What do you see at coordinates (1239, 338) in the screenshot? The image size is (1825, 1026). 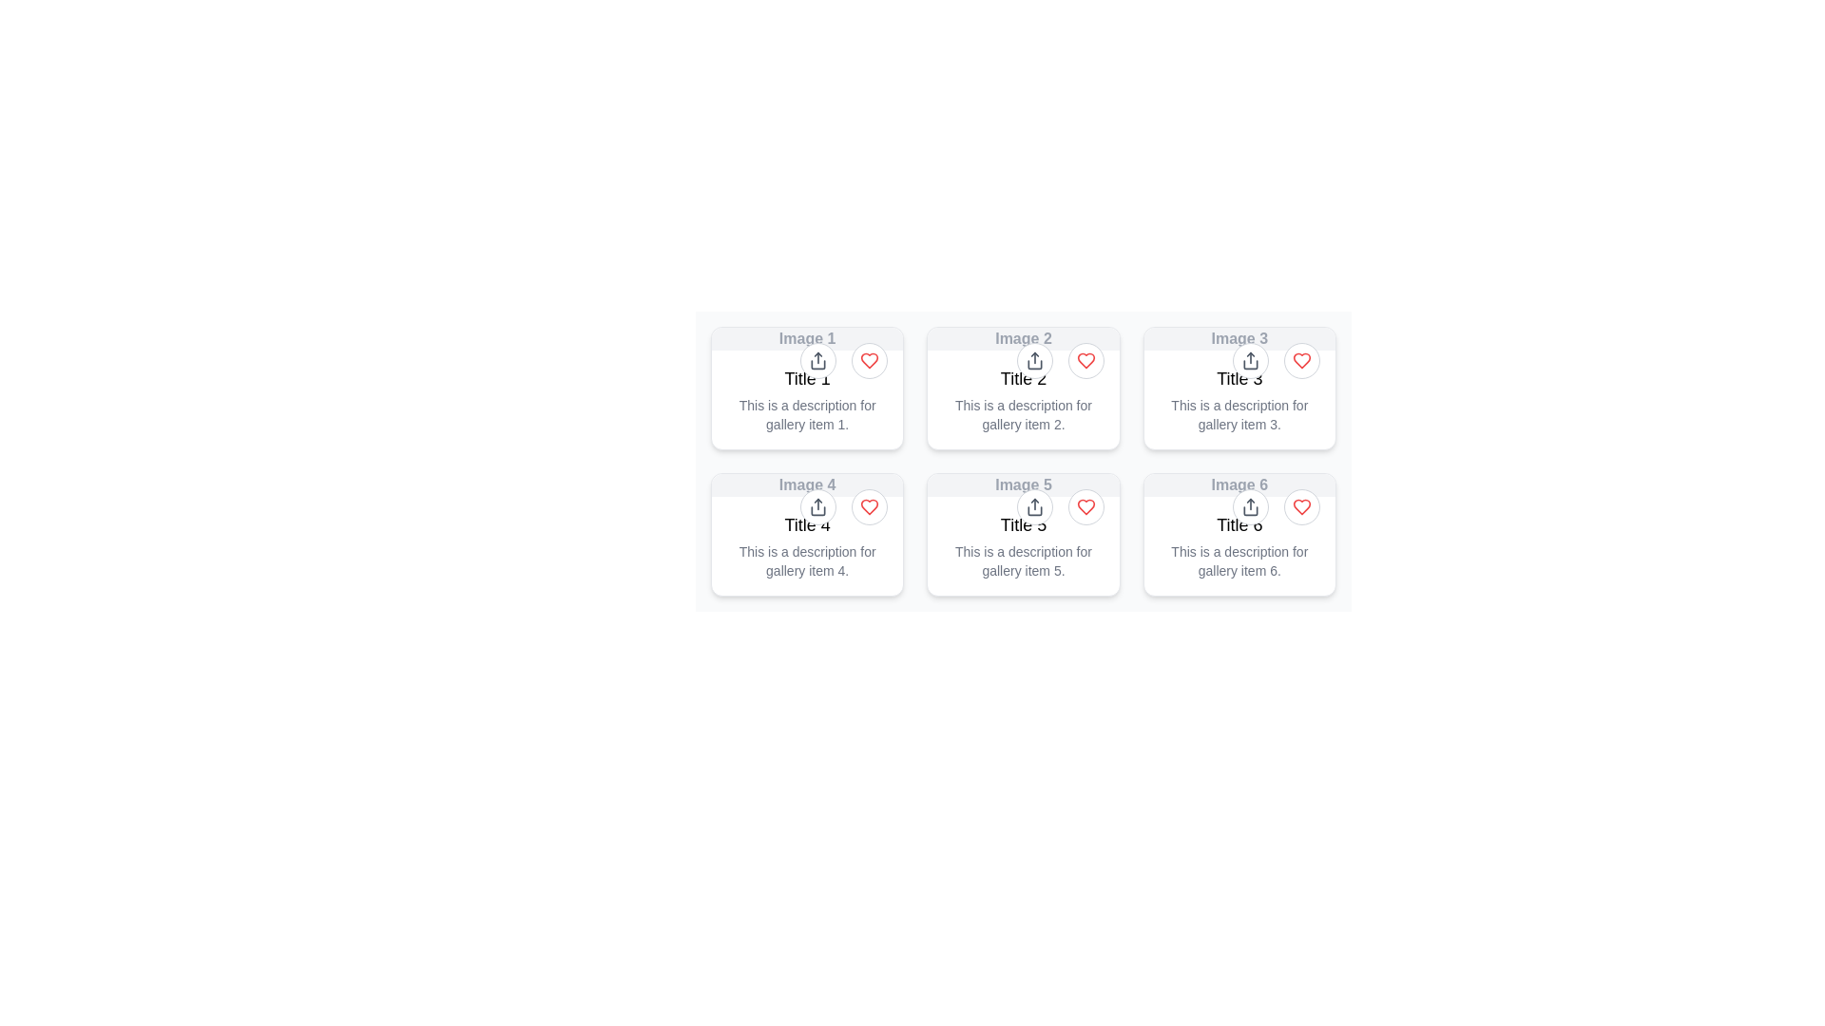 I see `the text label that identifies the gallery item as 'Image 3', positioned at the center of the top segment of the gallery card for the third item` at bounding box center [1239, 338].